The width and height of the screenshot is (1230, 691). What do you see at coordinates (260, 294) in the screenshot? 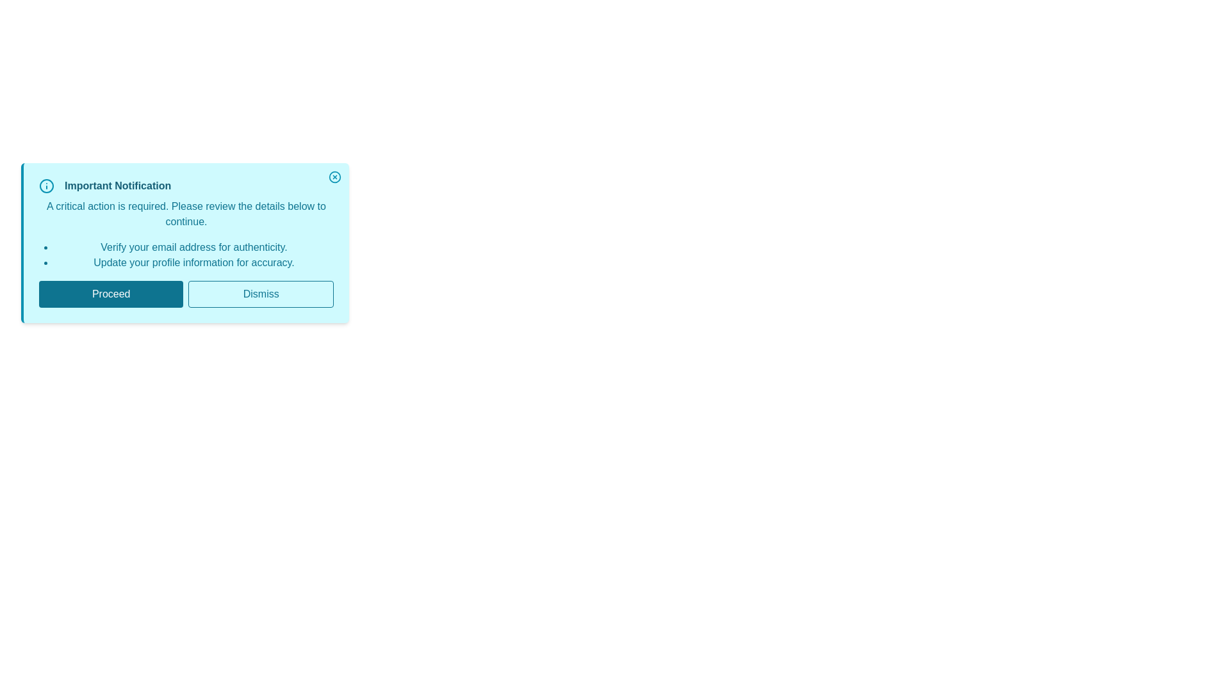
I see `the 'Dismiss' button to dismiss the notification` at bounding box center [260, 294].